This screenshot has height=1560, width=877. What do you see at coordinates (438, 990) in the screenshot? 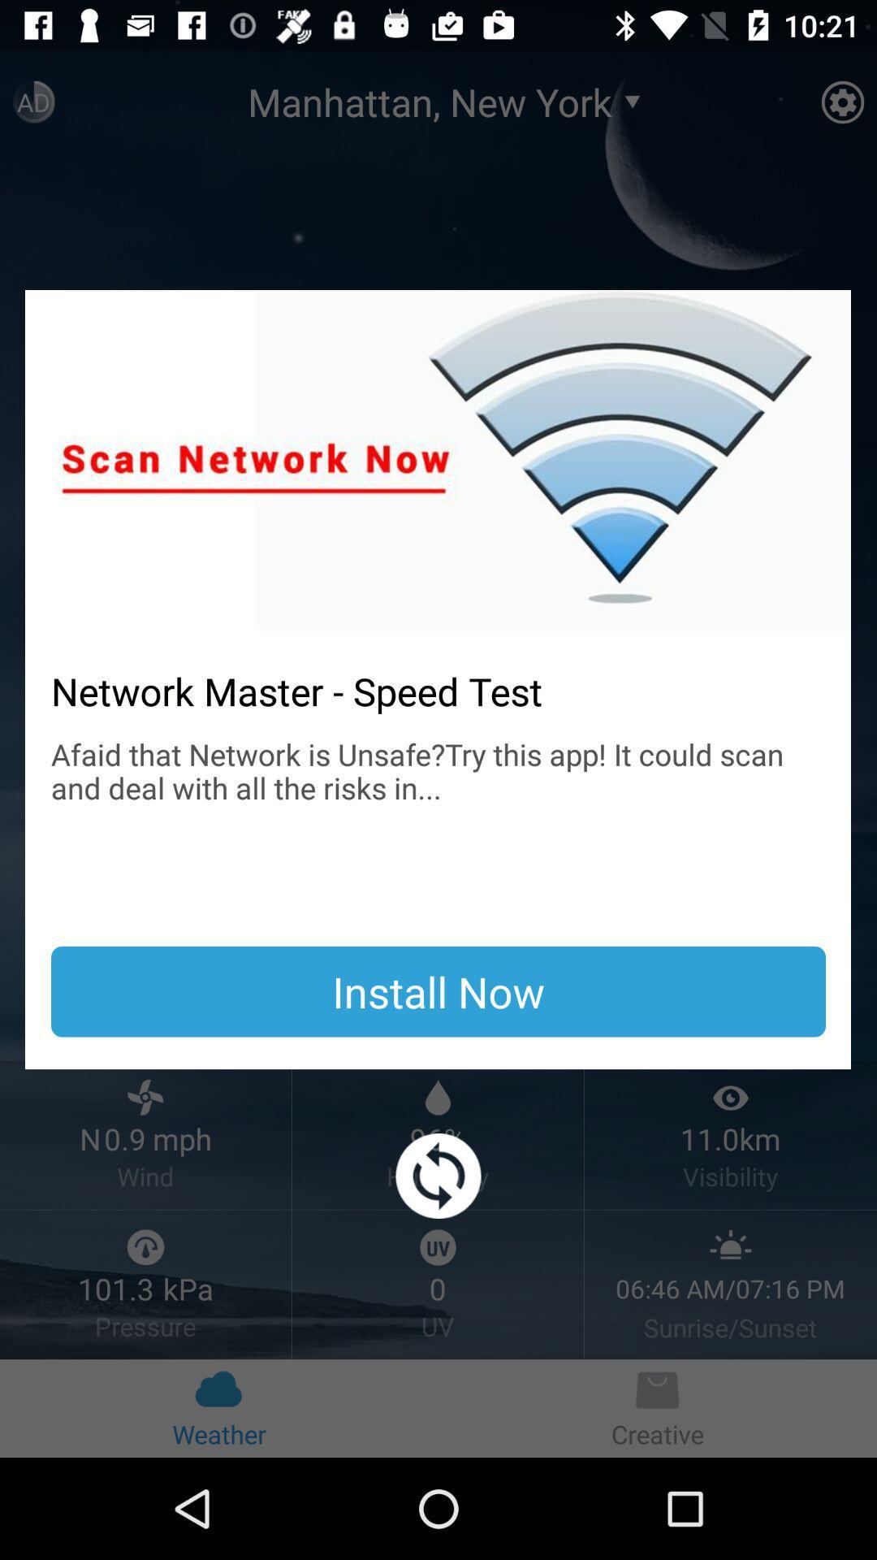
I see `install now item` at bounding box center [438, 990].